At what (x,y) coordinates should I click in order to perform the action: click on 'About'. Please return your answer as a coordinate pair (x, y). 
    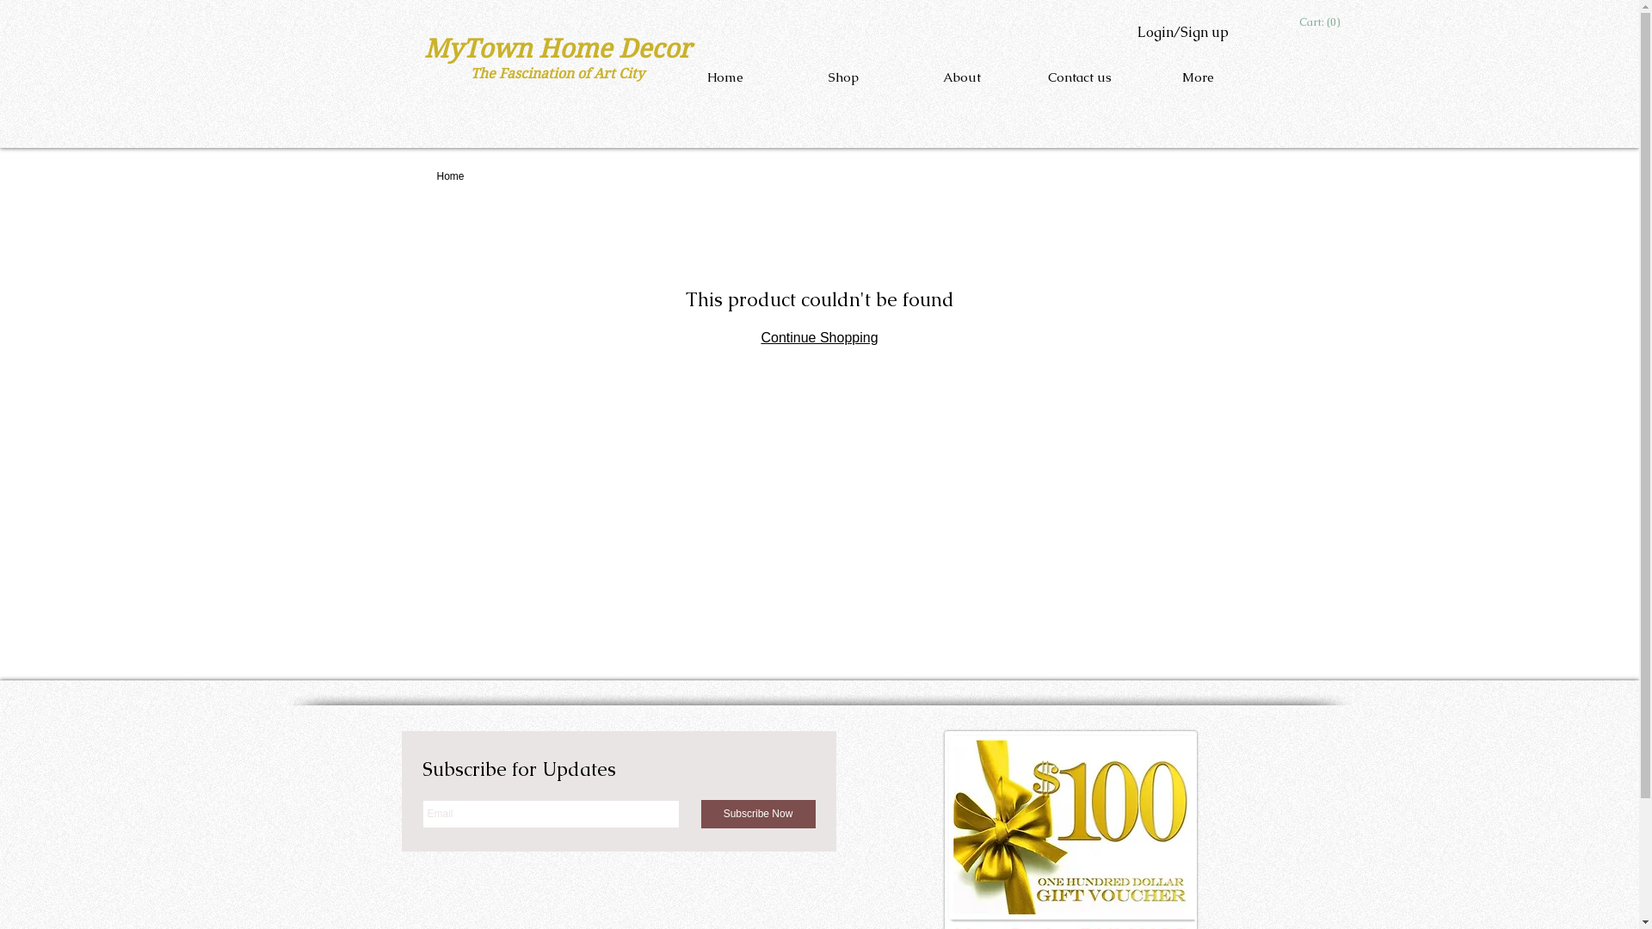
    Looking at the image, I should click on (961, 76).